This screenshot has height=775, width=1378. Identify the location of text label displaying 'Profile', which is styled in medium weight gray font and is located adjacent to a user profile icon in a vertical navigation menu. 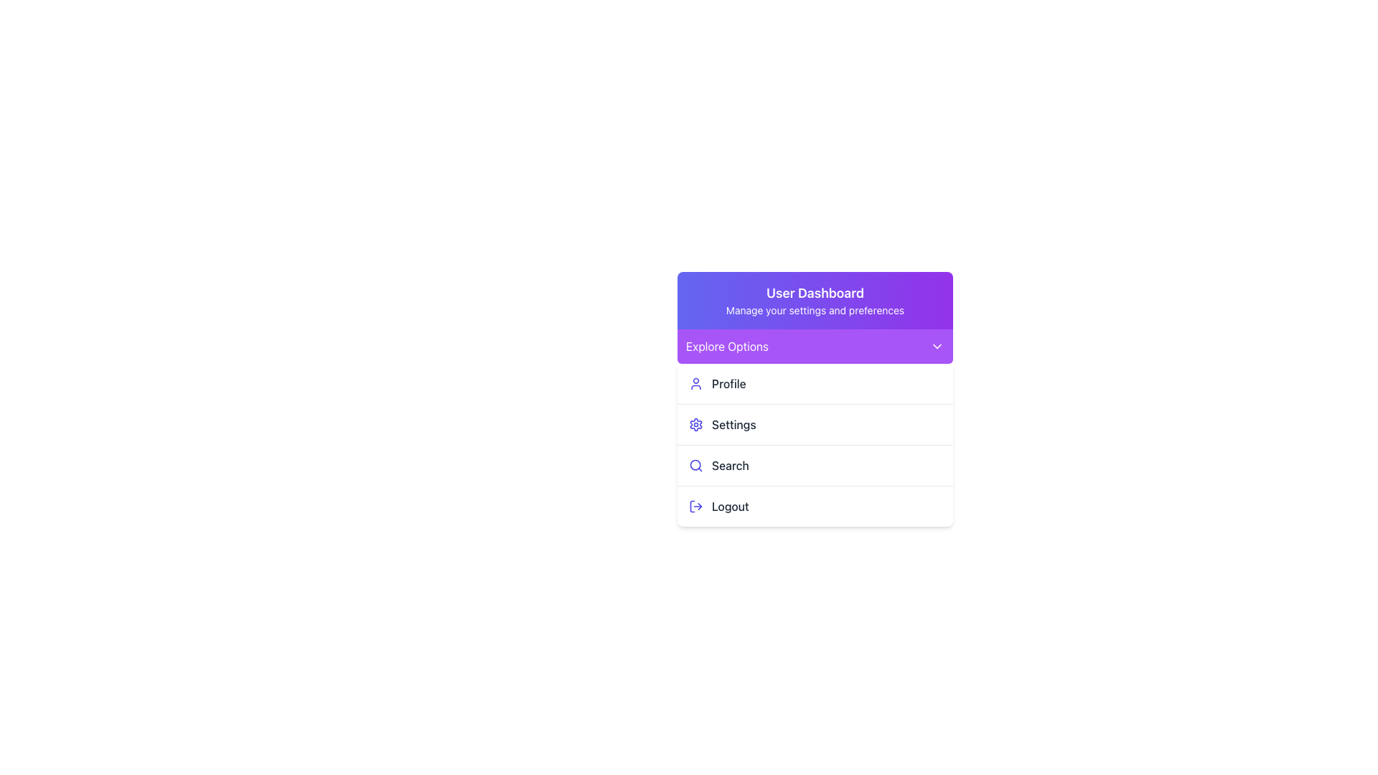
(728, 383).